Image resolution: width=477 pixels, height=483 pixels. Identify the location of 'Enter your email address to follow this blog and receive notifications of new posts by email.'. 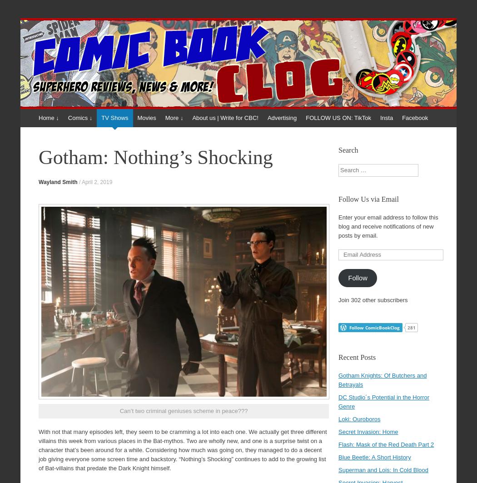
(388, 226).